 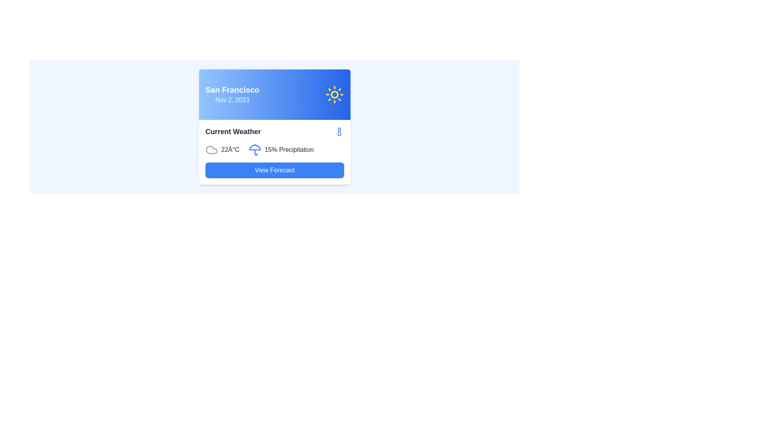 I want to click on the blue thermometer icon located to the right of the 'Current Weather' section's label, so click(x=339, y=131).